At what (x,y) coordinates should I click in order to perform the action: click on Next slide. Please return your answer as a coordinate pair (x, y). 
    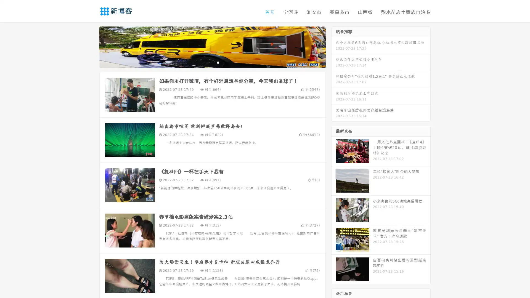
    Looking at the image, I should click on (333, 46).